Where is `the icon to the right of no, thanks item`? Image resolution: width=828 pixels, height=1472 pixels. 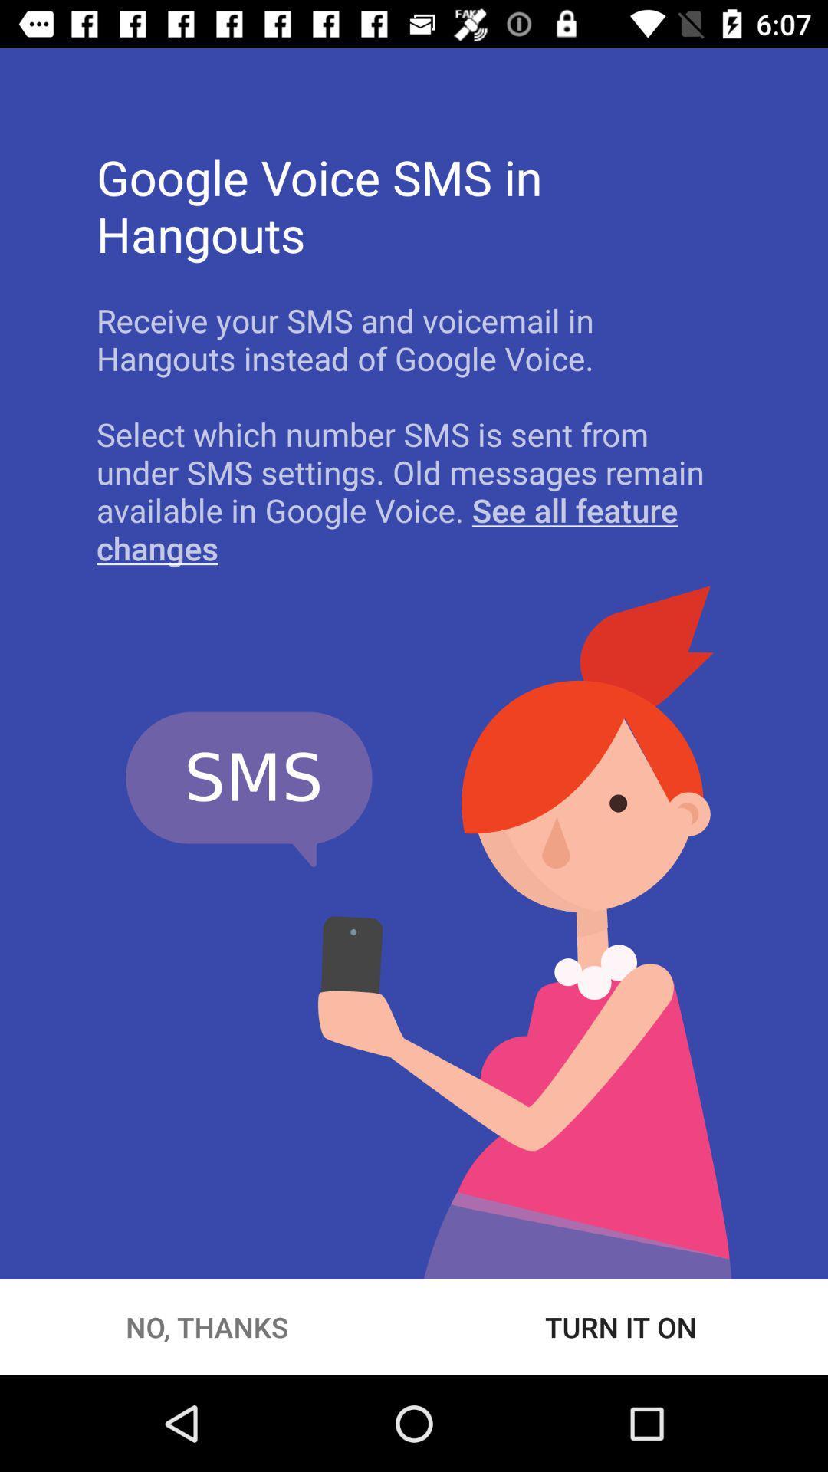
the icon to the right of no, thanks item is located at coordinates (621, 1326).